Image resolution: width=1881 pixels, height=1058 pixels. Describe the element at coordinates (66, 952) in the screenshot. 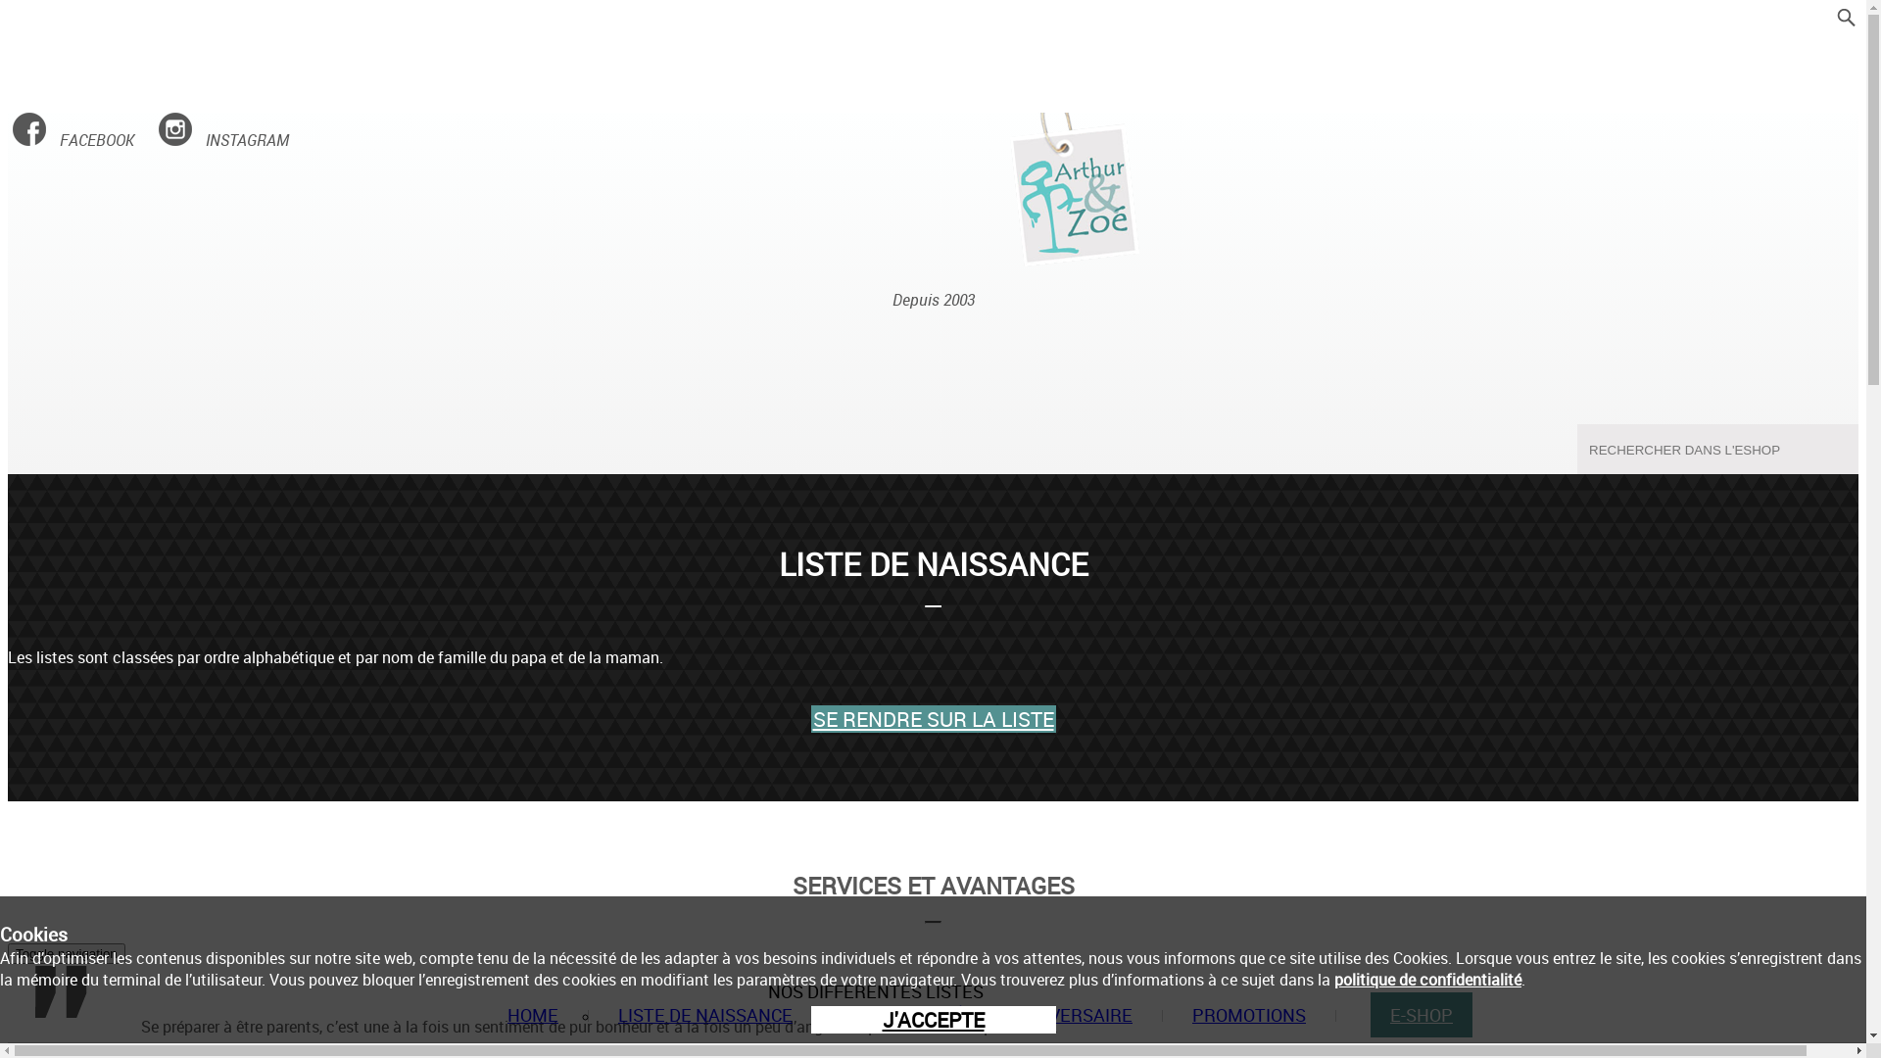

I see `'Toggle navigation'` at that location.